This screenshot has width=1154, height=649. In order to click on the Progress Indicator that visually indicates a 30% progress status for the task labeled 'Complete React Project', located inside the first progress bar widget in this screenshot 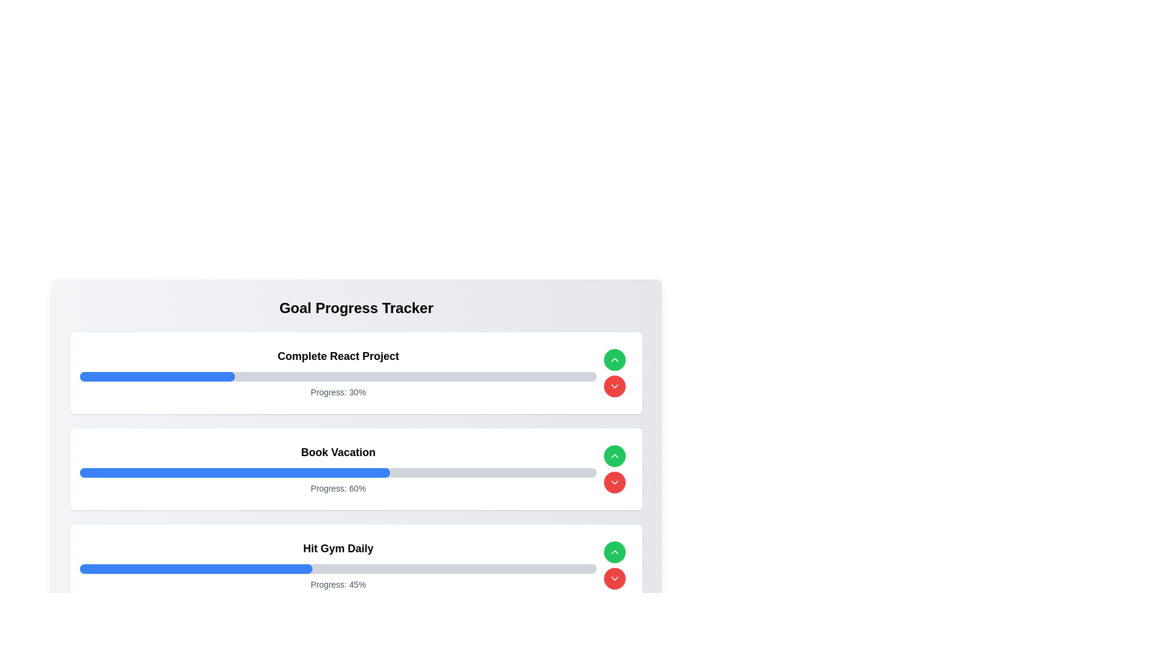, I will do `click(157, 376)`.